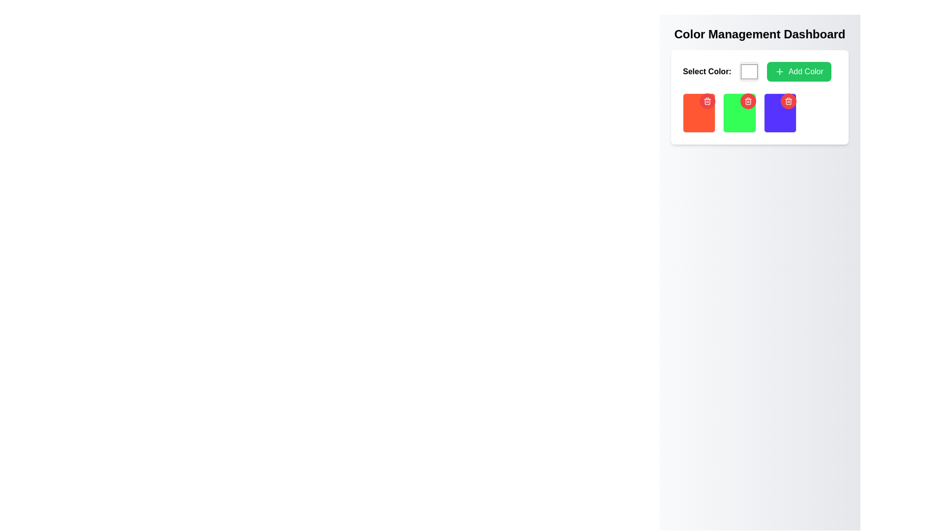 The height and width of the screenshot is (531, 944). Describe the element at coordinates (799, 71) in the screenshot. I see `the 'add color' button located in the top-right corner of the color selection area` at that location.